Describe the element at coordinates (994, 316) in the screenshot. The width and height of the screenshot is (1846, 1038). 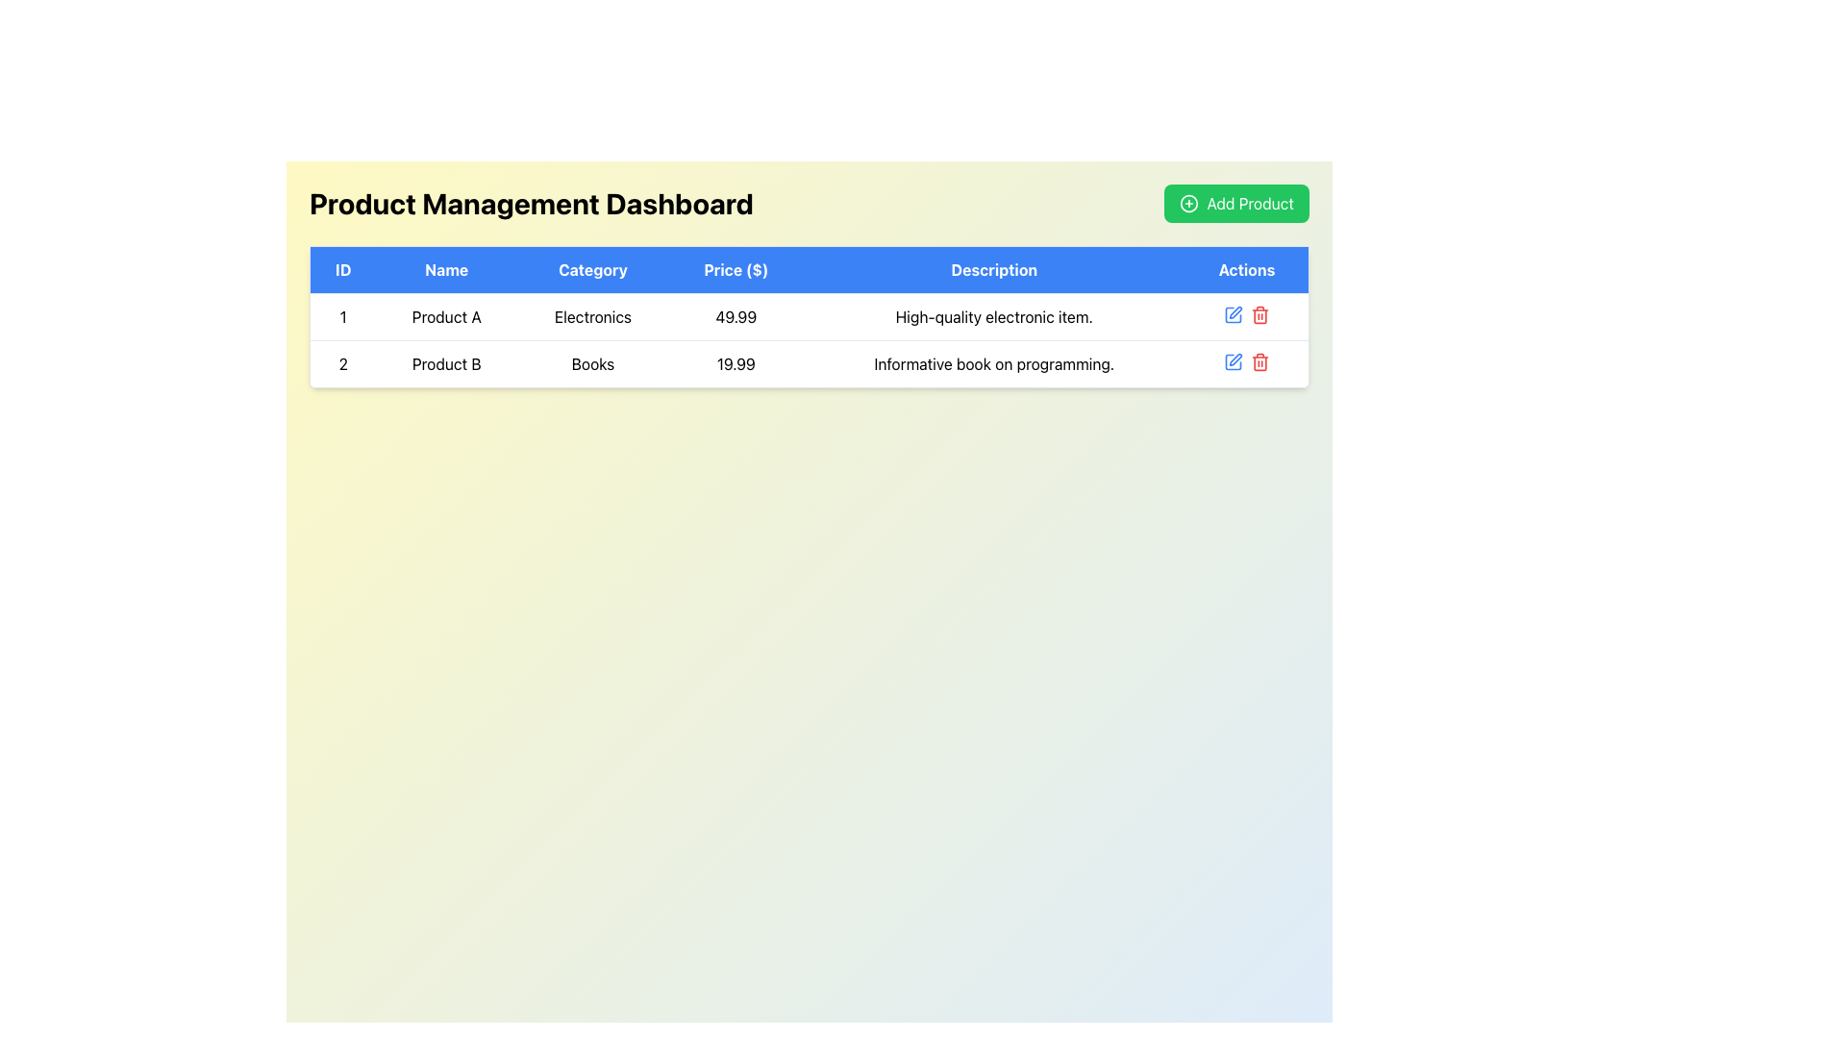
I see `the product description text located in the 'Description' column of the first row of the table, which is centrally aligned between the 'Price ($)' and 'Actions' columns` at that location.